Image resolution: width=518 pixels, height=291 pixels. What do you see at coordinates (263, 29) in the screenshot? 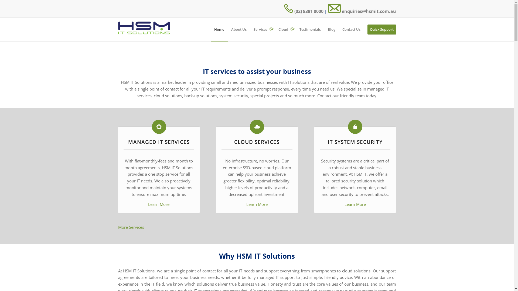
I see `'Services'` at bounding box center [263, 29].